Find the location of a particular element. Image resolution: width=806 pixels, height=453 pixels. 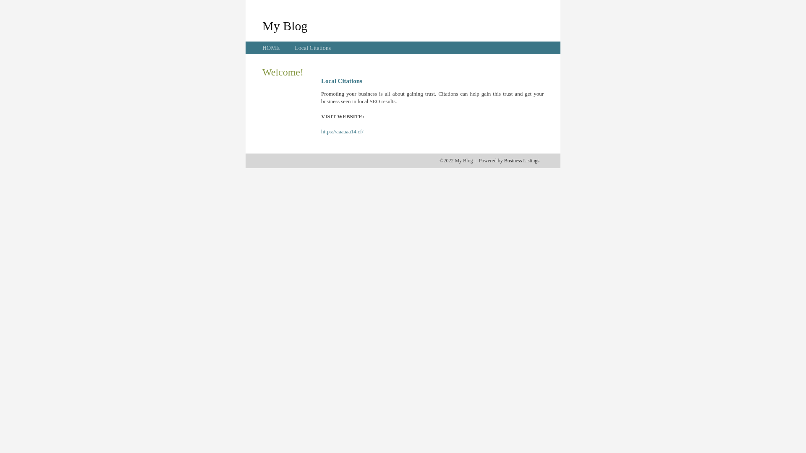

'HOME' is located at coordinates (271, 48).